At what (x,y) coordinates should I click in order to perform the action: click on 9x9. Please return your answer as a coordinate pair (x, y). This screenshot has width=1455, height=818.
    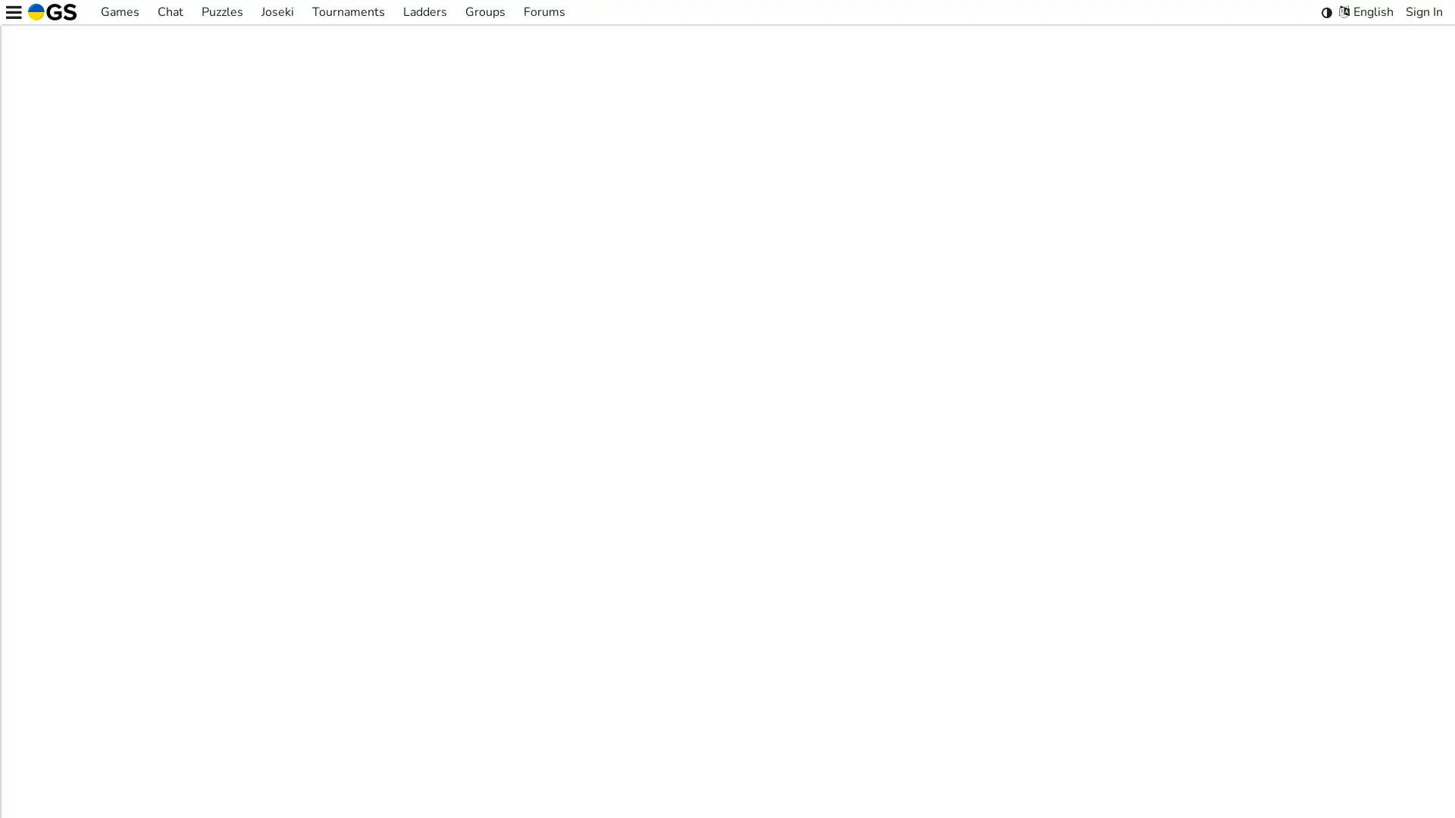
    Looking at the image, I should click on (640, 598).